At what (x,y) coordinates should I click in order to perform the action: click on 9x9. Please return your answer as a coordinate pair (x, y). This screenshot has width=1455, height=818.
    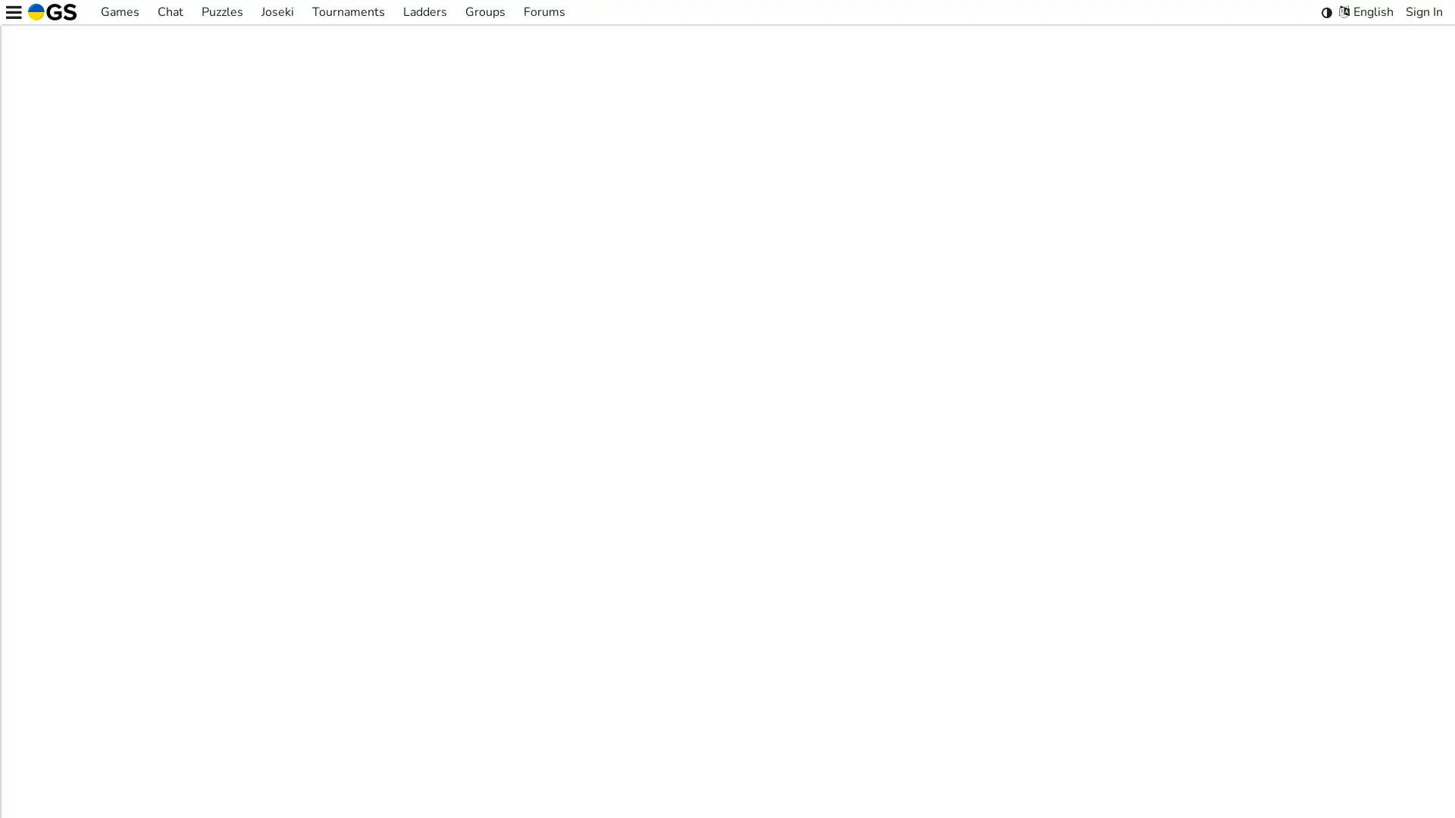
    Looking at the image, I should click on (640, 598).